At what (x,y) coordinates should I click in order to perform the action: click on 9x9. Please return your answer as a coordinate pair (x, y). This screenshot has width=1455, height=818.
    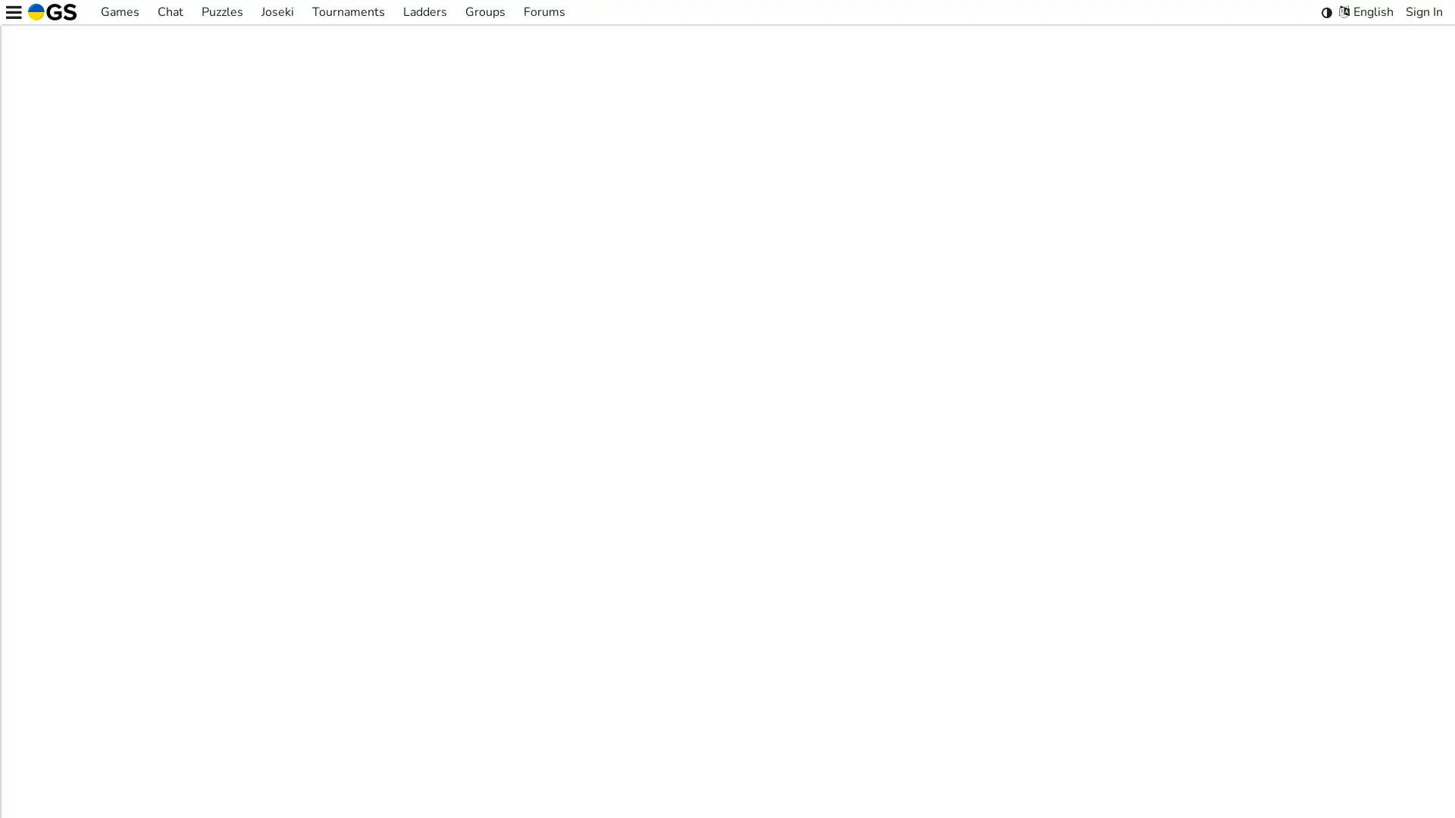
    Looking at the image, I should click on (640, 598).